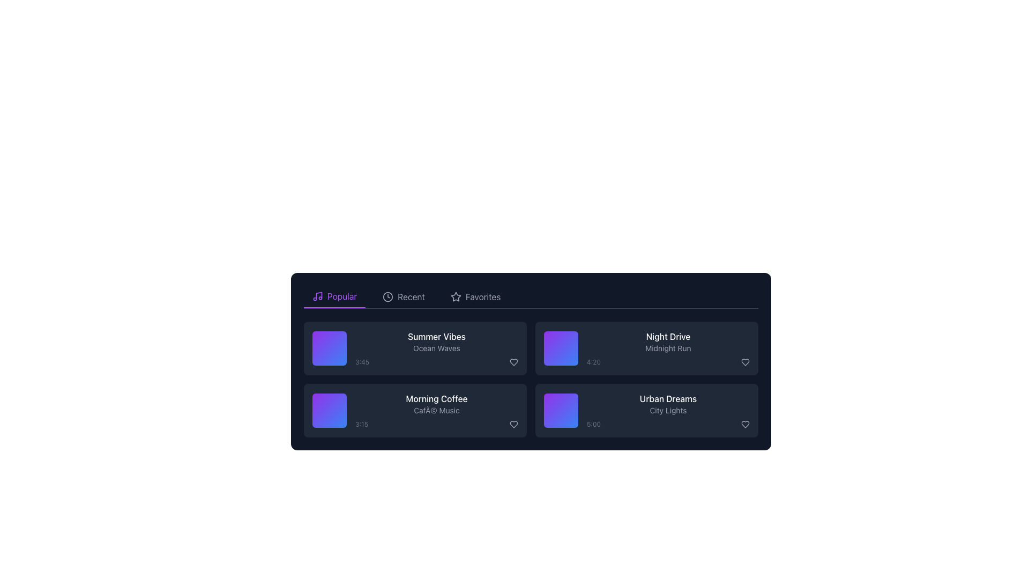  Describe the element at coordinates (341, 296) in the screenshot. I see `the label in the tabbed navigation bar that is positioned to the left of 'Recent' and 'Favorites'` at that location.